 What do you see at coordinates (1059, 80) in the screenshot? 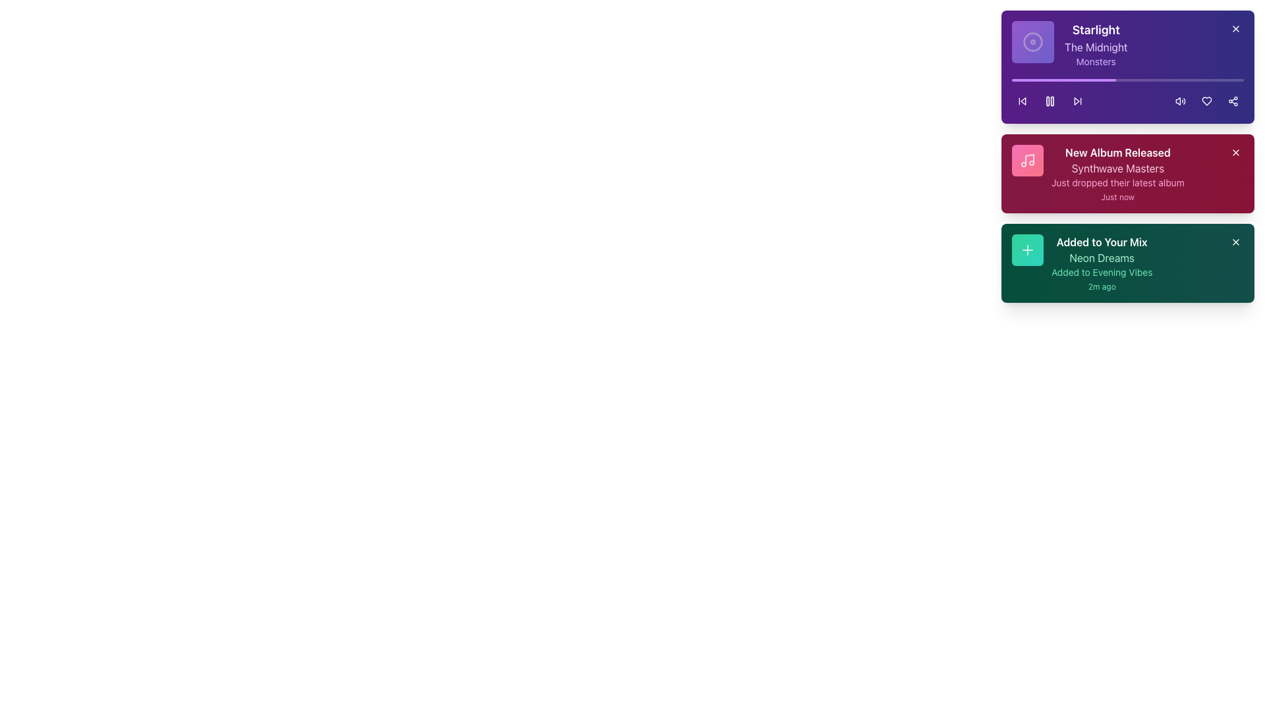
I see `the progress bar` at bounding box center [1059, 80].